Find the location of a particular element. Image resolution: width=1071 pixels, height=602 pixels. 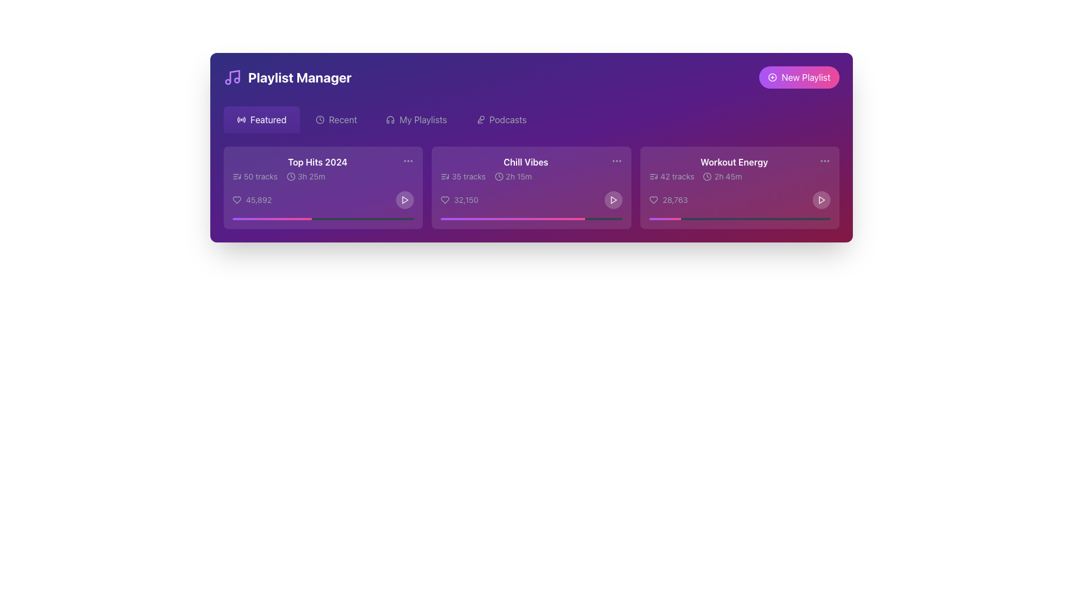

the Play Button icon, a small triangular icon used for initiating playback, located in the 'Workout Energy' section is located at coordinates (822, 199).